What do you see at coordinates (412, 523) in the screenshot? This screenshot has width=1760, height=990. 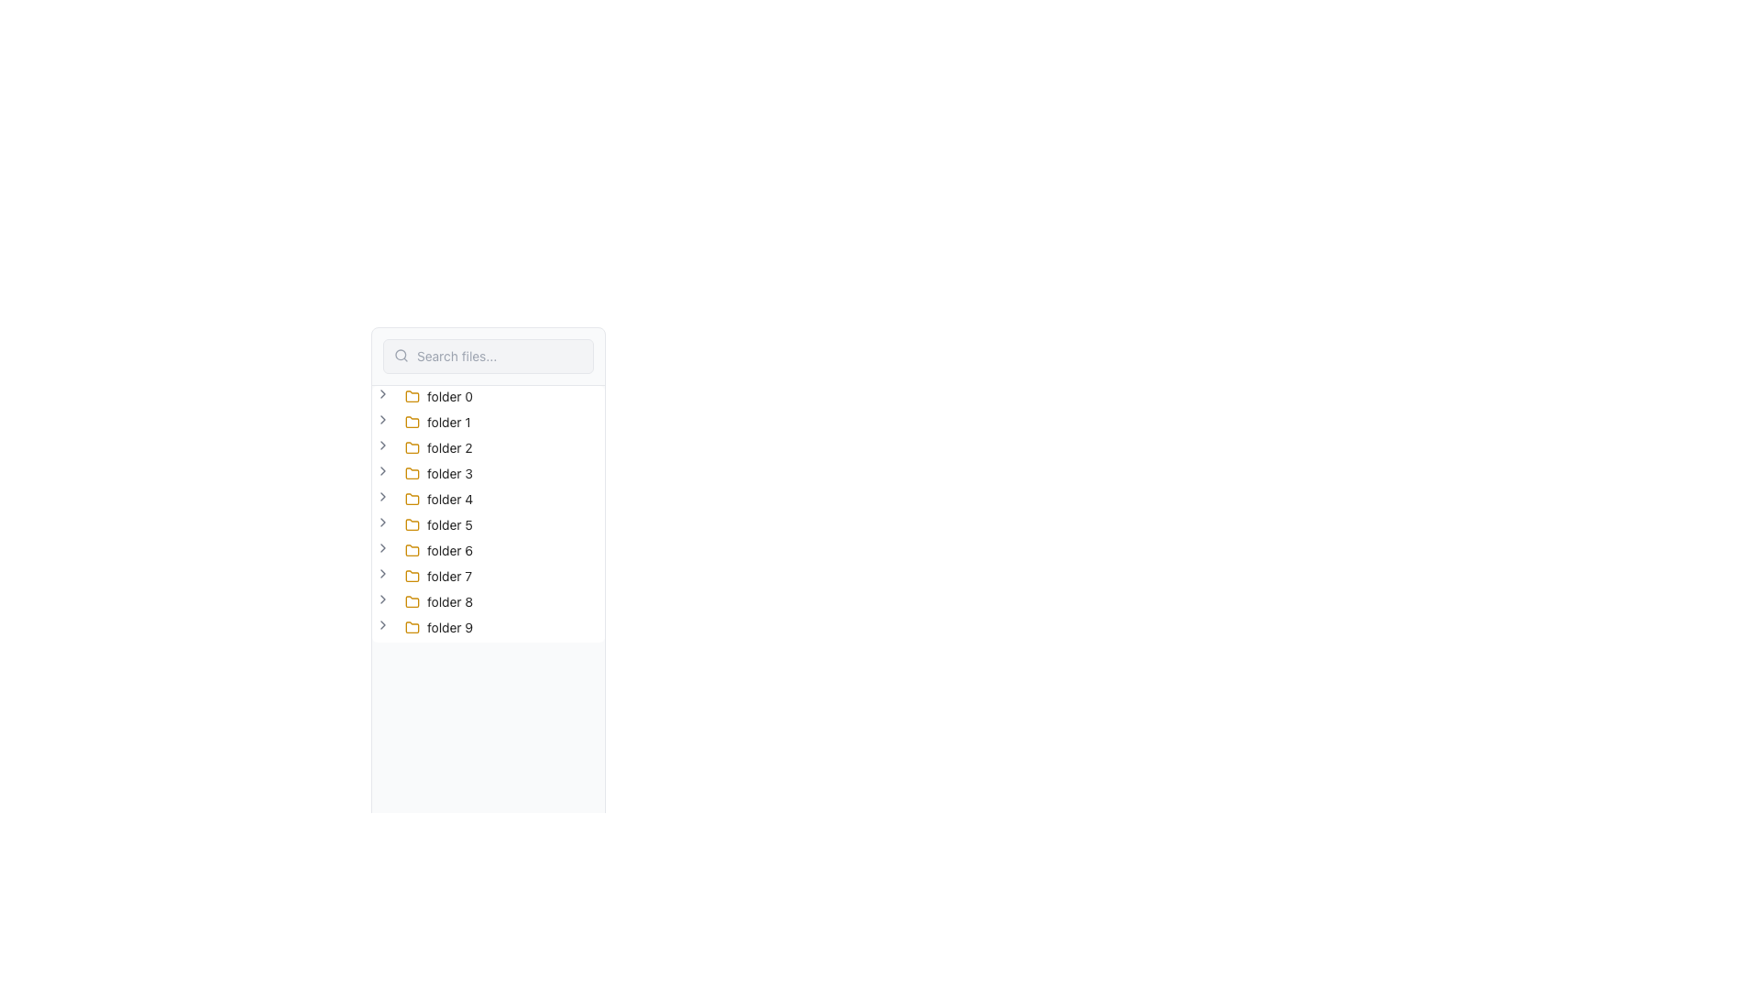 I see `the folder icon labeled 'folder 5', which is the sixth item in the vertically aligned list of folders` at bounding box center [412, 523].